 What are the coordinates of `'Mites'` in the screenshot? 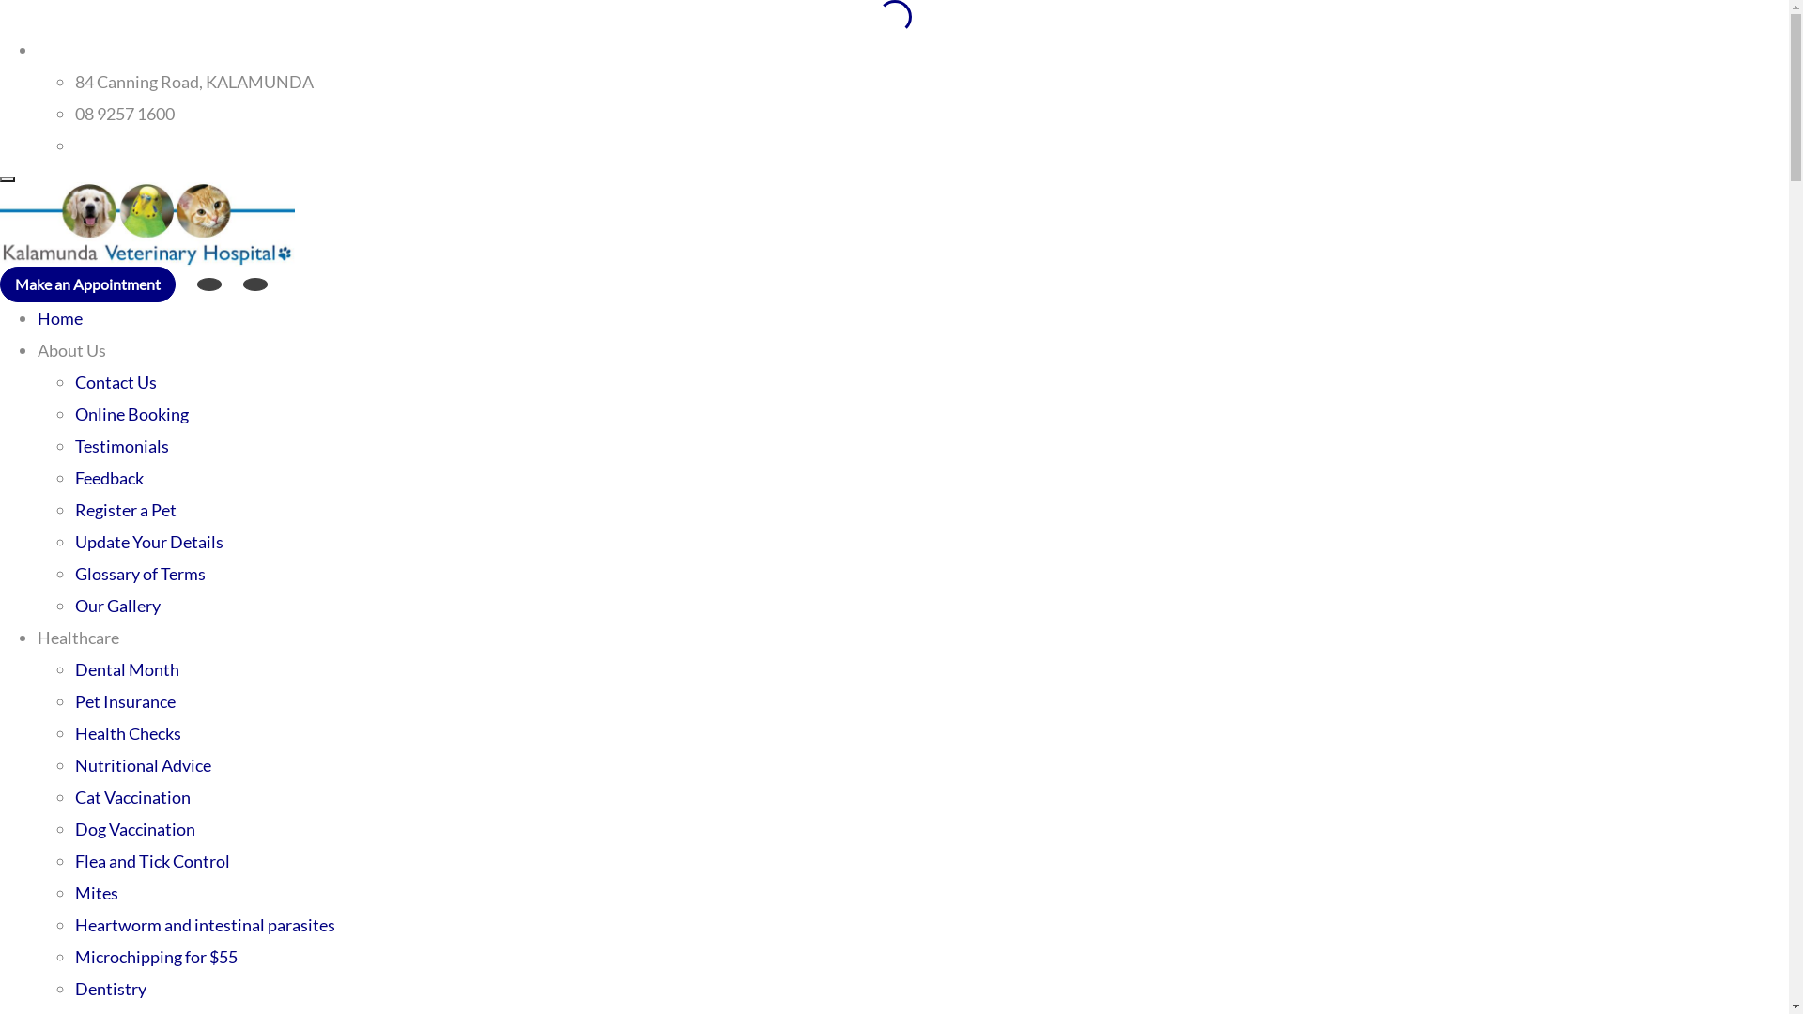 It's located at (95, 892).